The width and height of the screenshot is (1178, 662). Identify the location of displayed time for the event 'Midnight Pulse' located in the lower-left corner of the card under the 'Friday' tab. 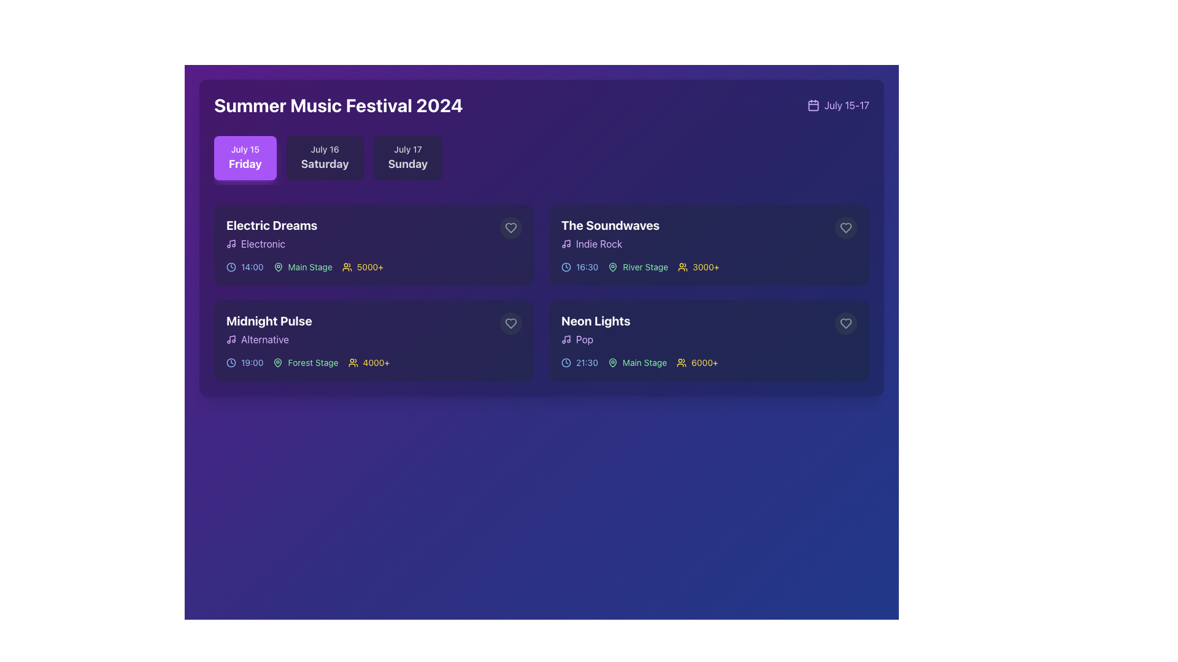
(252, 362).